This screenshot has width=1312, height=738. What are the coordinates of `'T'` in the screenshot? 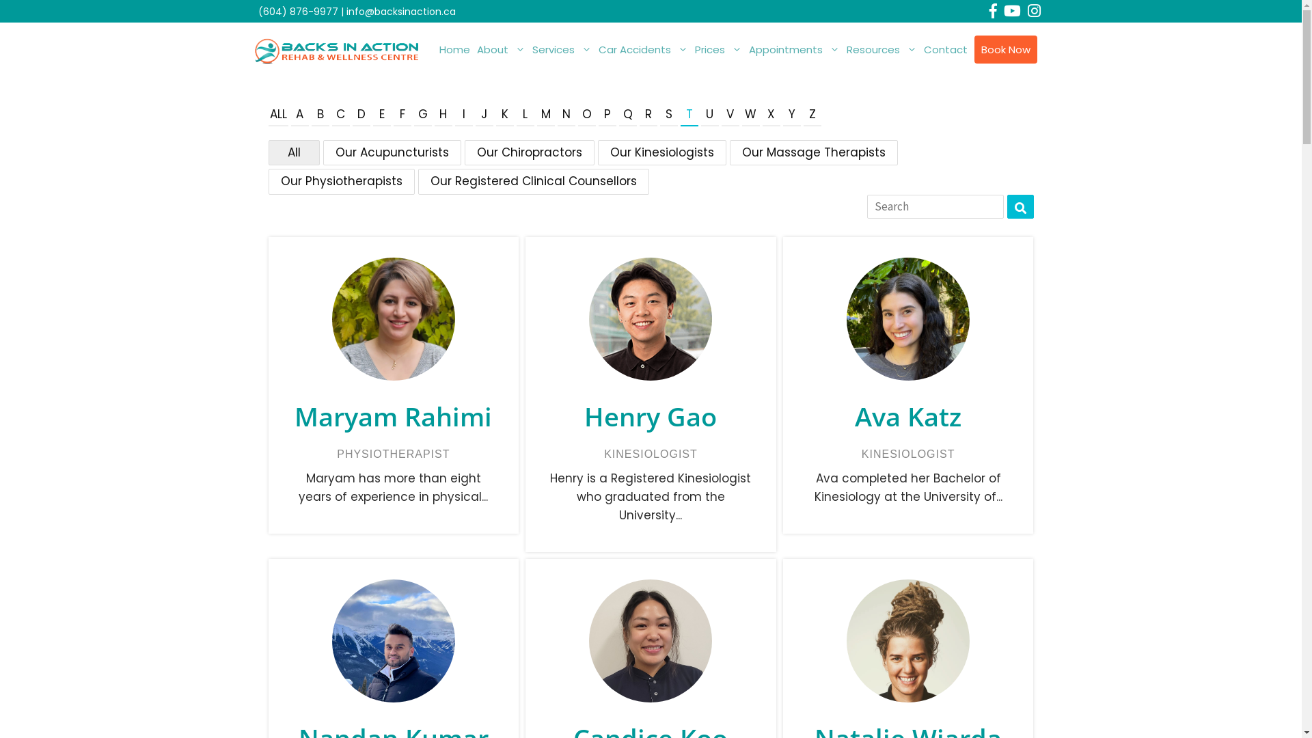 It's located at (689, 115).